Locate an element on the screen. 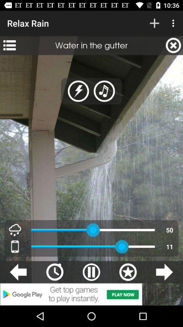 The height and width of the screenshot is (327, 183). app next to the water in the app is located at coordinates (9, 45).